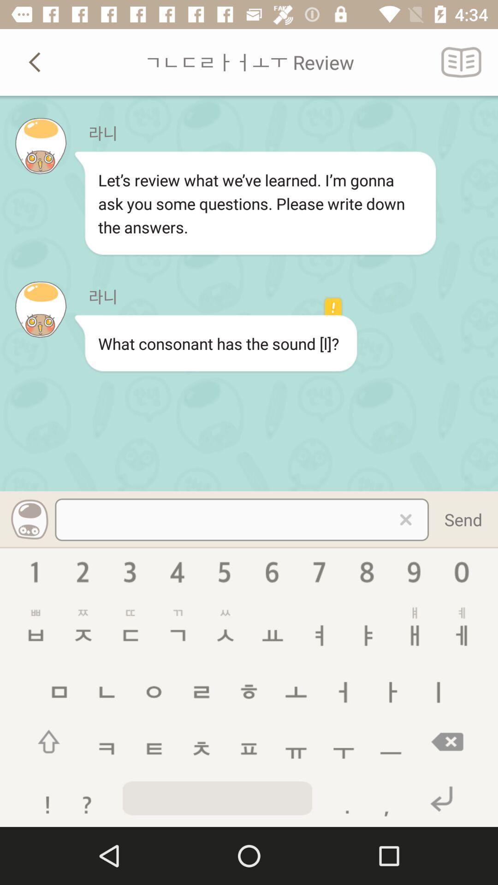 The height and width of the screenshot is (885, 498). What do you see at coordinates (35, 628) in the screenshot?
I see `the save icon` at bounding box center [35, 628].